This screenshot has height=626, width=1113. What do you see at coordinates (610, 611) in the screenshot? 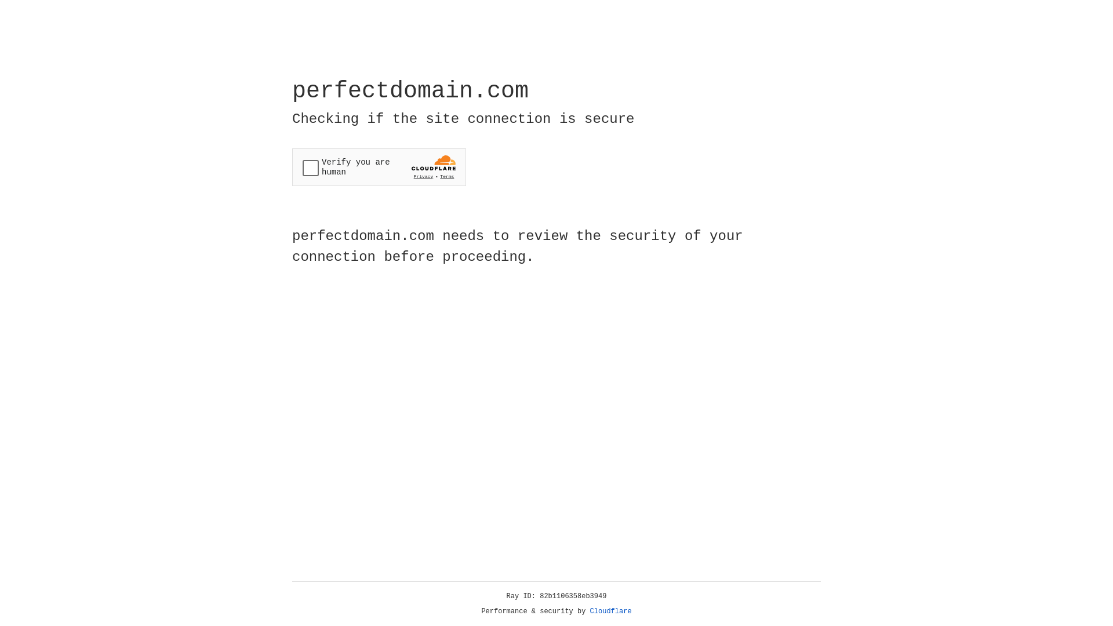
I see `'Cloudflare'` at bounding box center [610, 611].